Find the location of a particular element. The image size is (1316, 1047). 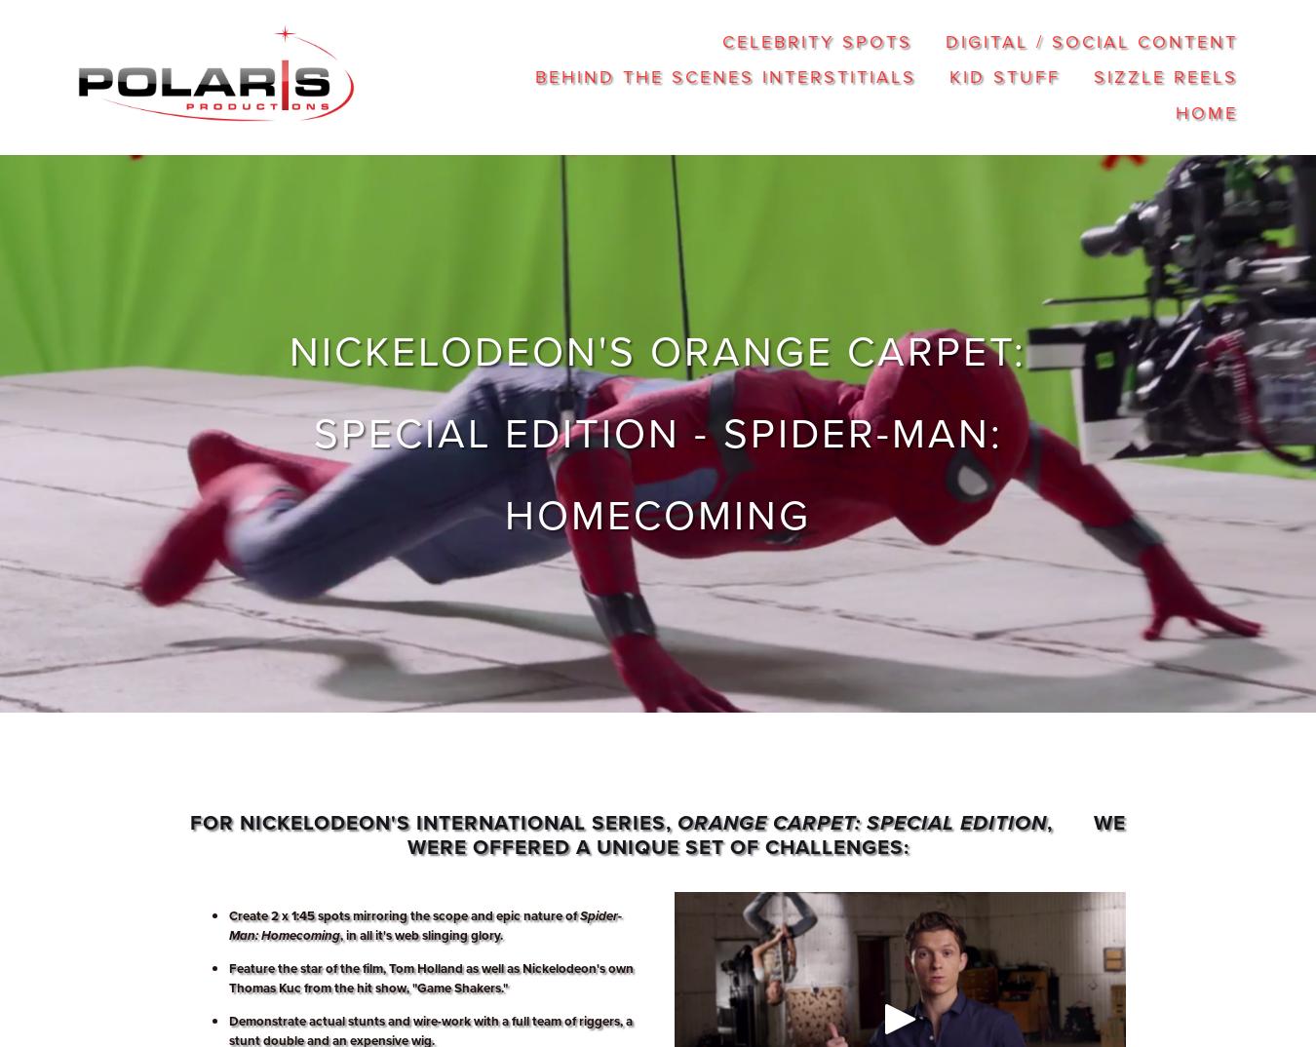

'Sizzle Reels' is located at coordinates (1164, 76).